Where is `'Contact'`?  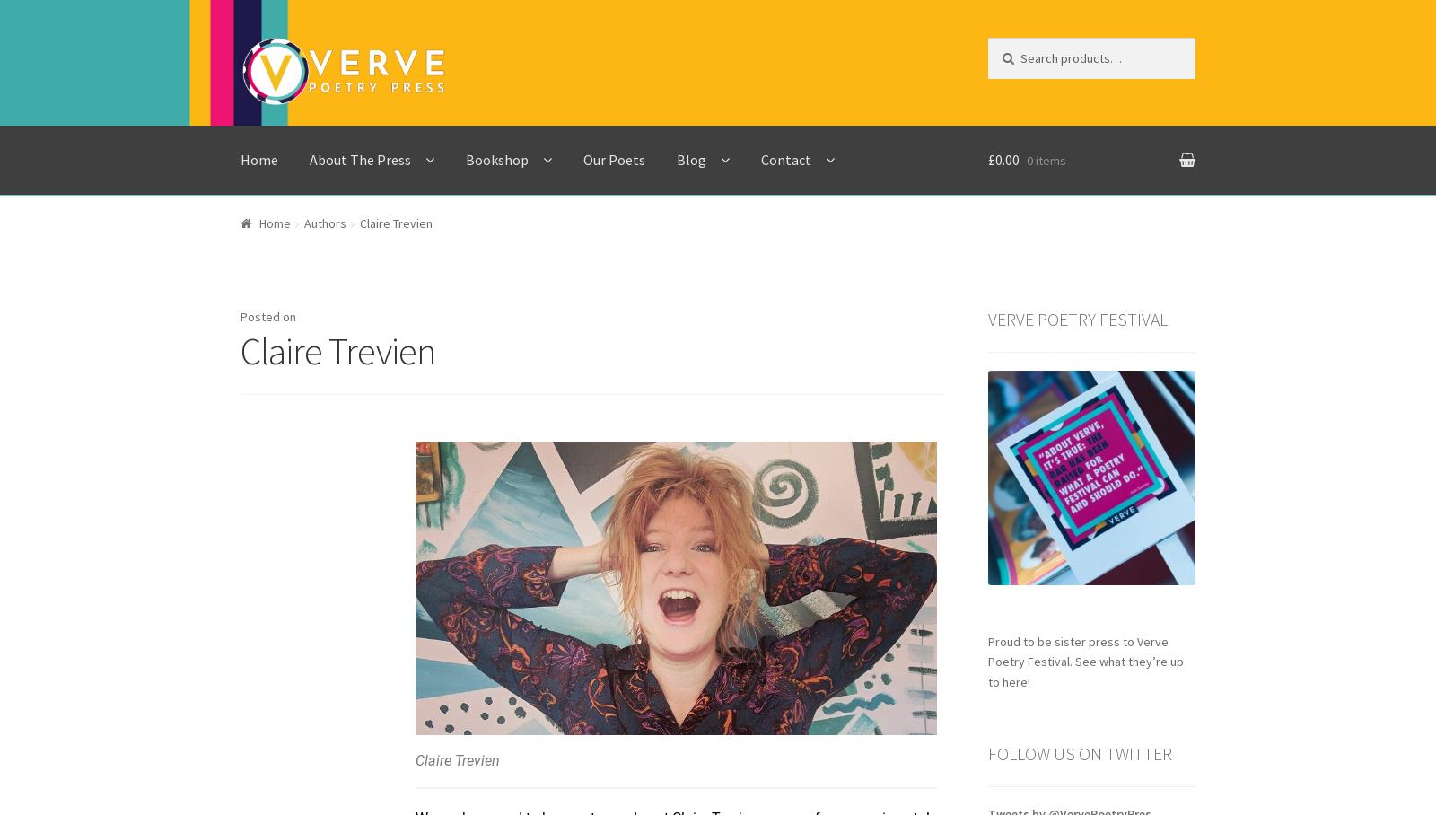
'Contact' is located at coordinates (785, 157).